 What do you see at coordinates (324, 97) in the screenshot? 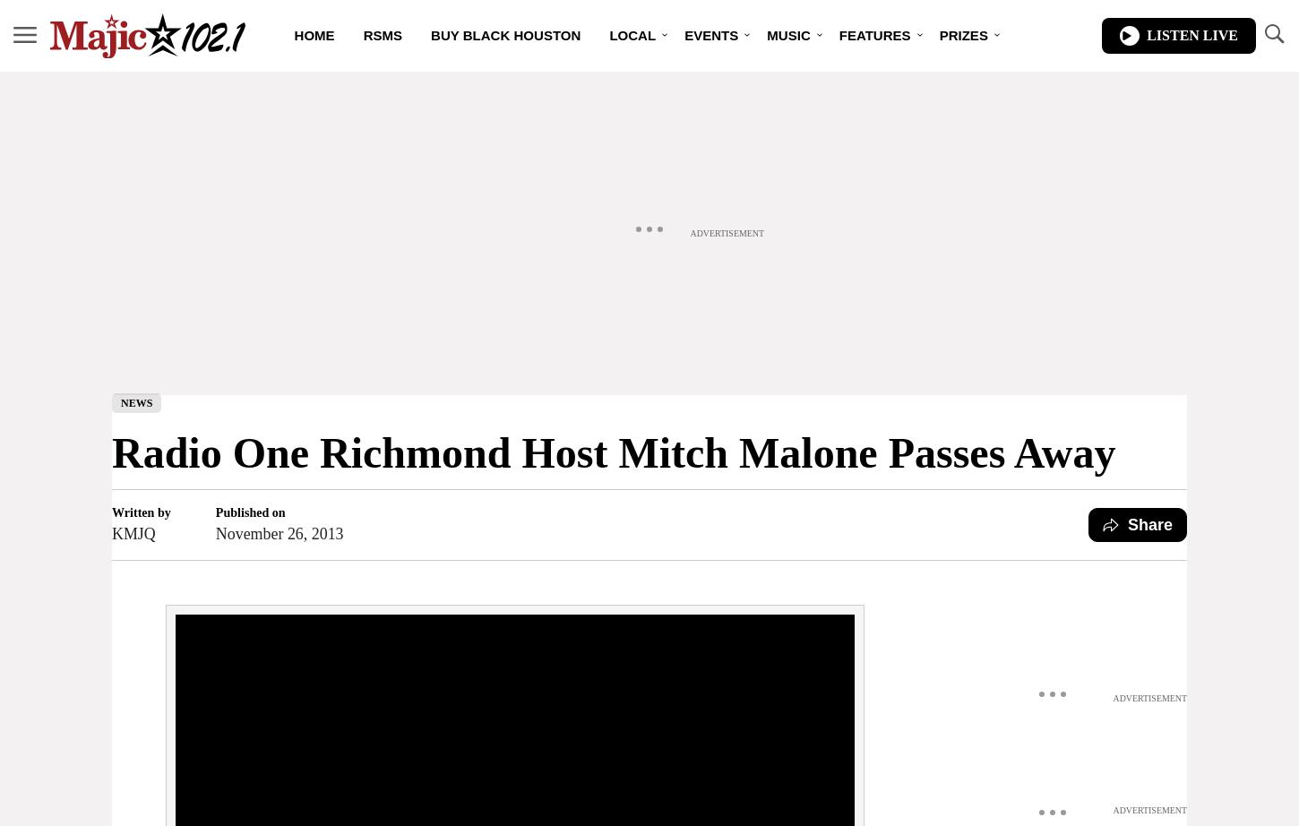
I see `'Playlist'` at bounding box center [324, 97].